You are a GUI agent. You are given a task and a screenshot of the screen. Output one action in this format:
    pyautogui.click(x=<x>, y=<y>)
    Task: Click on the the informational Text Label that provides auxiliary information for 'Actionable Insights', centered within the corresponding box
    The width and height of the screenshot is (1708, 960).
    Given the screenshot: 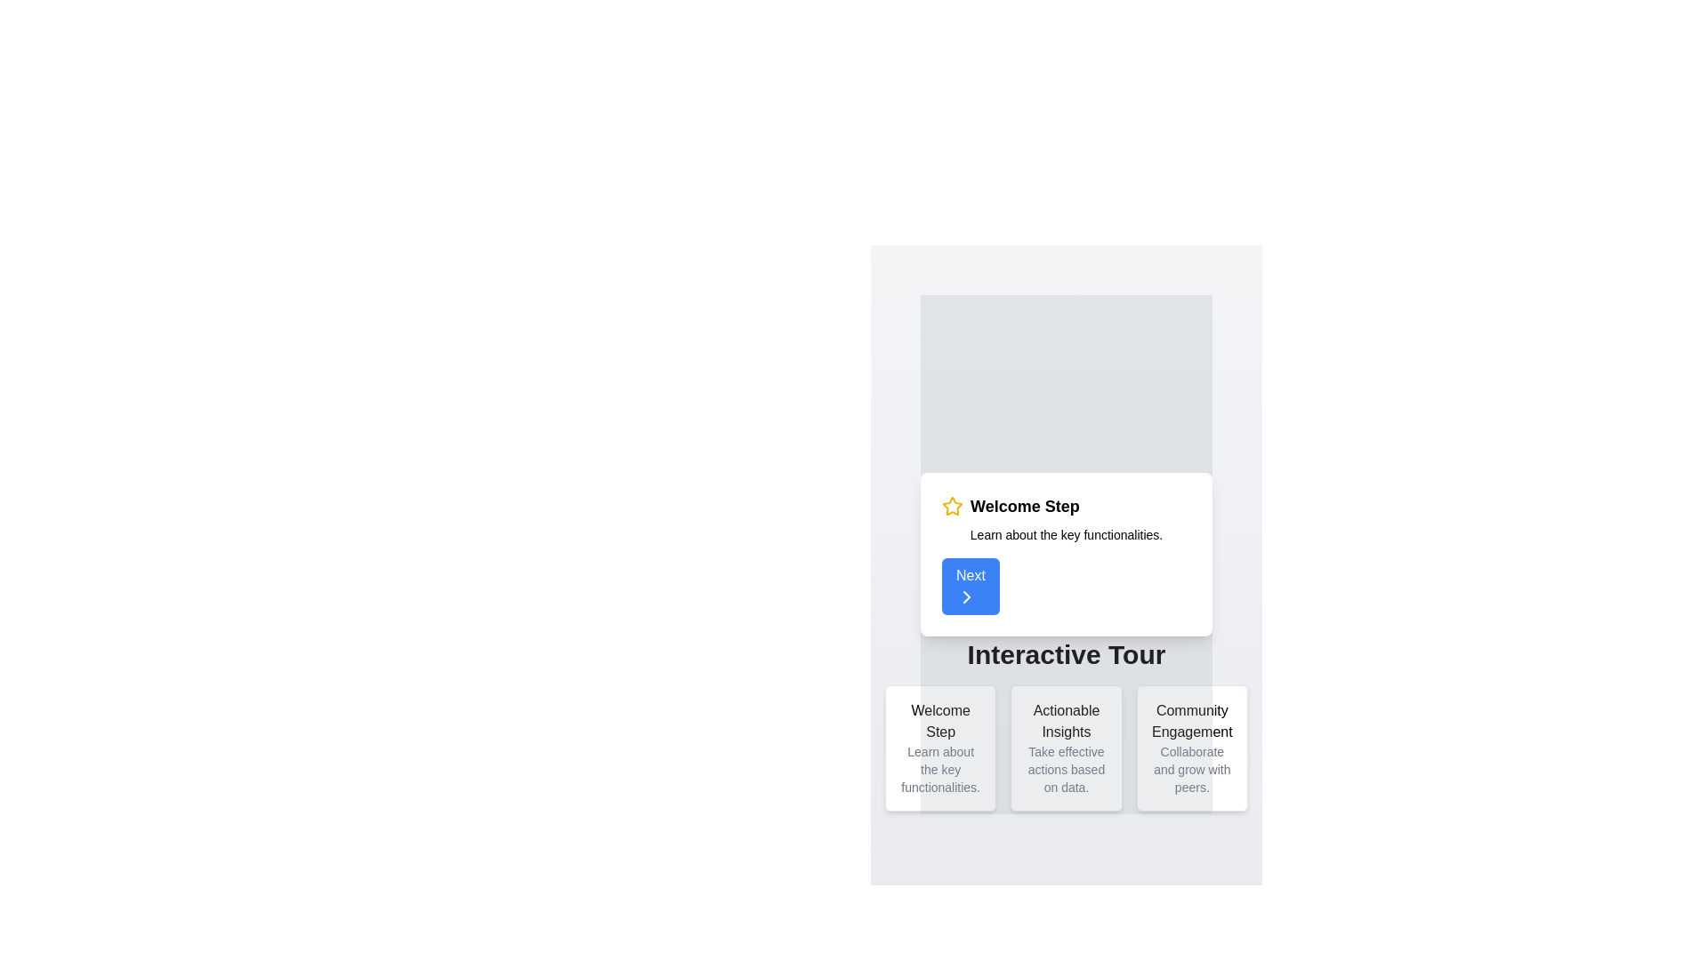 What is the action you would take?
    pyautogui.click(x=1067, y=769)
    